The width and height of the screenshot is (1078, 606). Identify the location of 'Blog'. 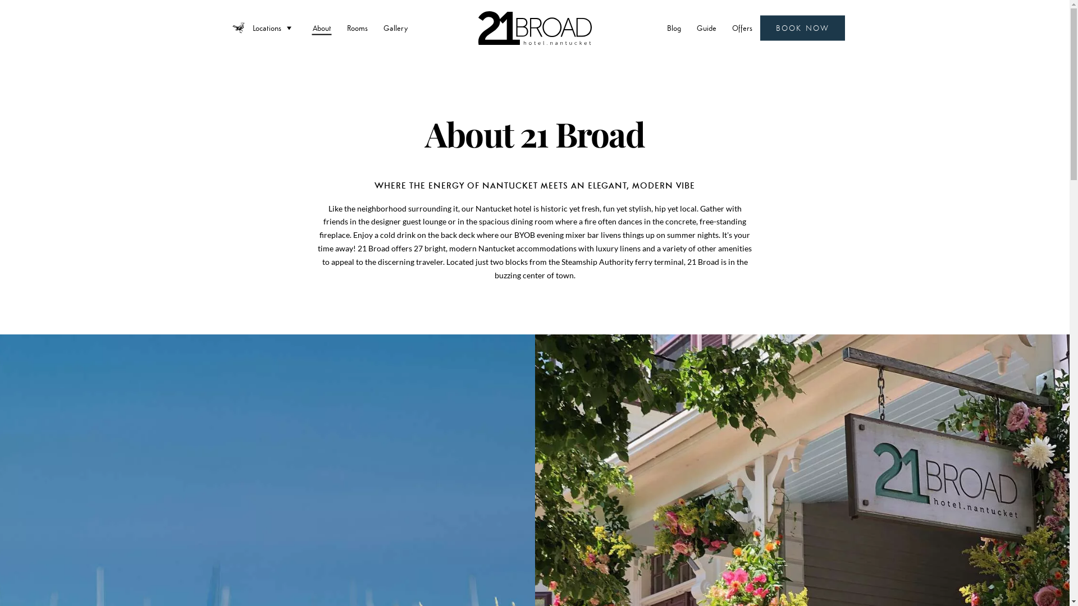
(674, 27).